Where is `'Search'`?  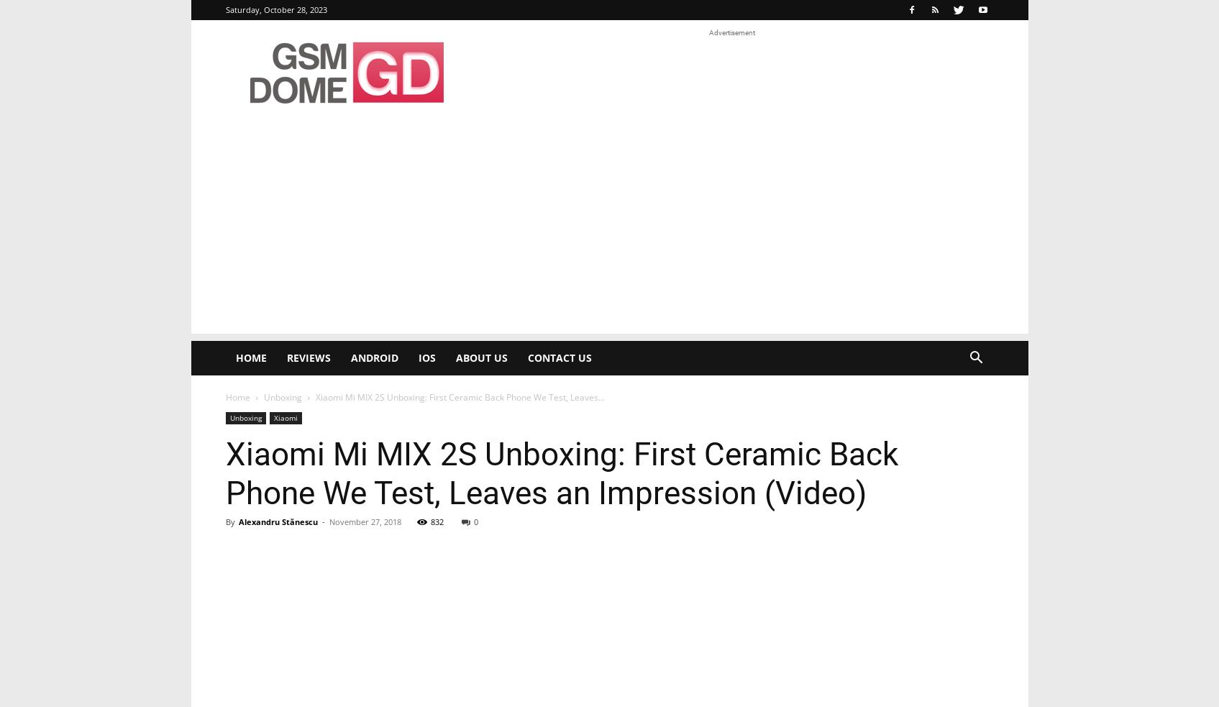 'Search' is located at coordinates (609, 71).